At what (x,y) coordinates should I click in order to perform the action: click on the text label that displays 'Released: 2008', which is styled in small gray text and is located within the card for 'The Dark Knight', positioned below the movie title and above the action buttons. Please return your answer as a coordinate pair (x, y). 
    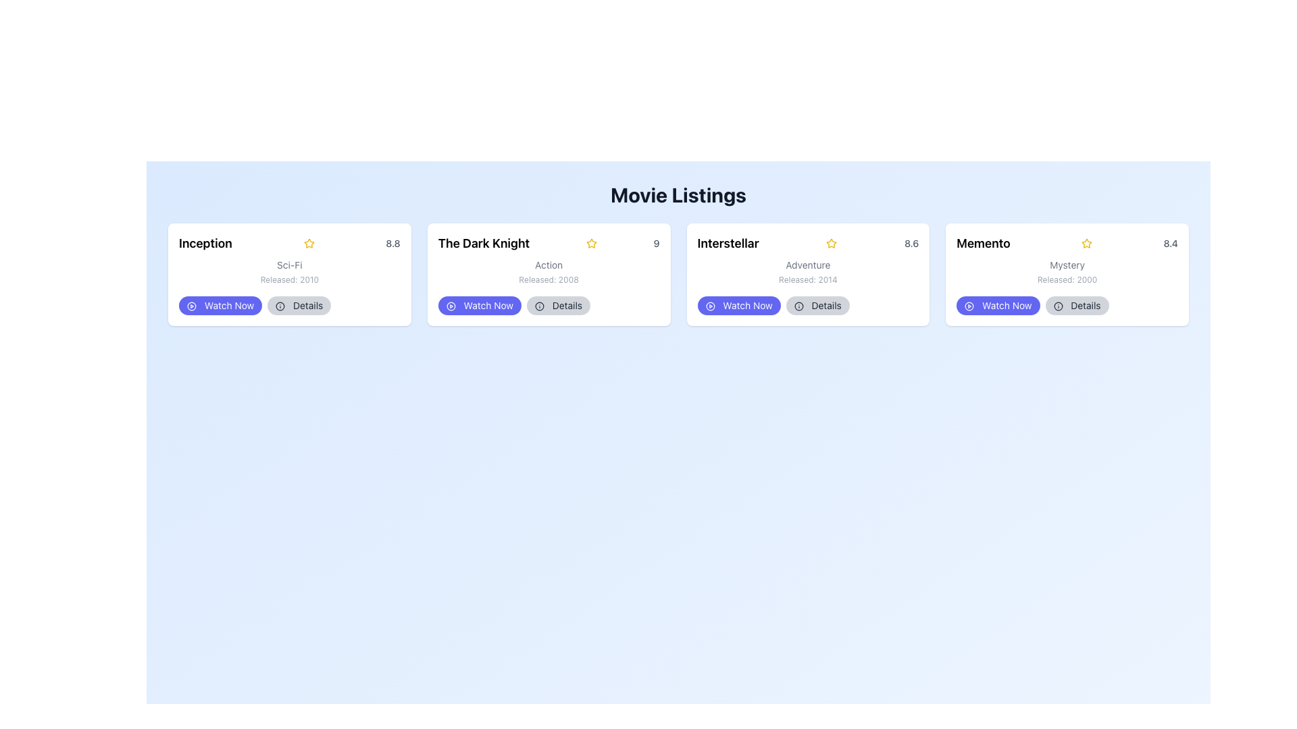
    Looking at the image, I should click on (549, 279).